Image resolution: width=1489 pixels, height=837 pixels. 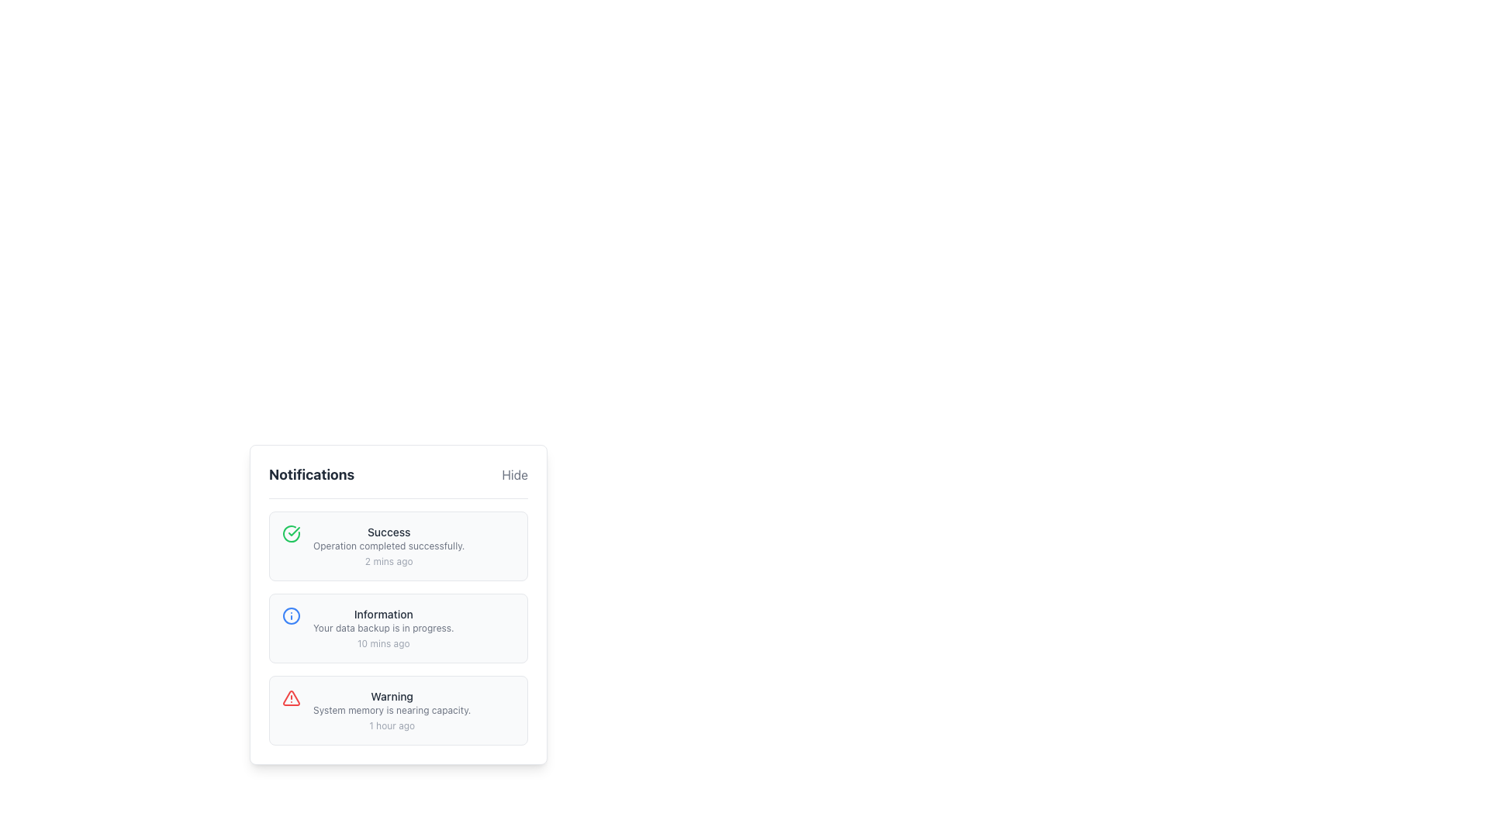 What do you see at coordinates (383, 628) in the screenshot?
I see `informational text label that provides the status of a data backup process, located in the notification card below 'Information' and above '10 mins ago'` at bounding box center [383, 628].